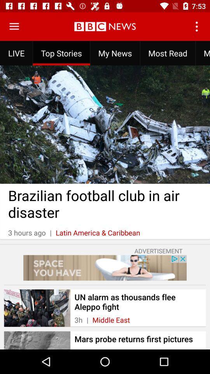  Describe the element at coordinates (105, 268) in the screenshot. I see `visit advertiser website` at that location.